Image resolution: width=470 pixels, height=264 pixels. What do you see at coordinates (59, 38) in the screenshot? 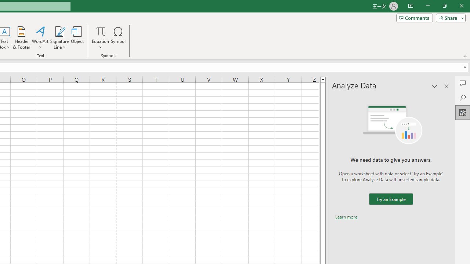
I see `'Signature Line'` at bounding box center [59, 38].